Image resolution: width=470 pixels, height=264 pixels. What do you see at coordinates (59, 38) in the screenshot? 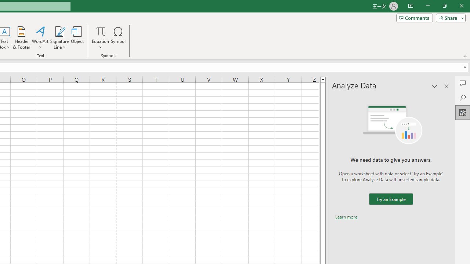
I see `'Signature Line'` at bounding box center [59, 38].